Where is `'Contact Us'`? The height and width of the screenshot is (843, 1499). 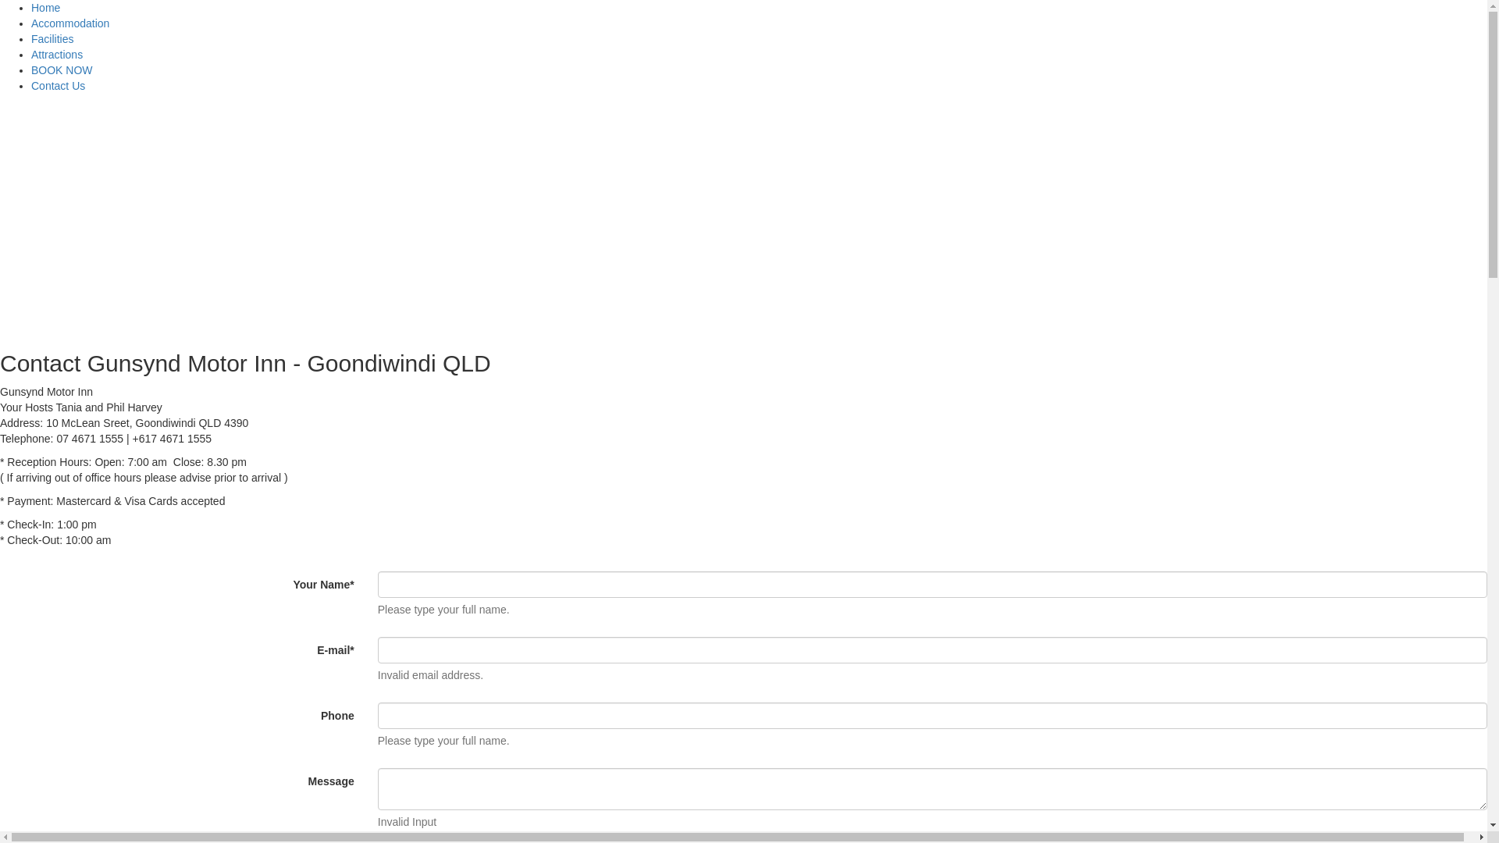
'Contact Us' is located at coordinates (58, 86).